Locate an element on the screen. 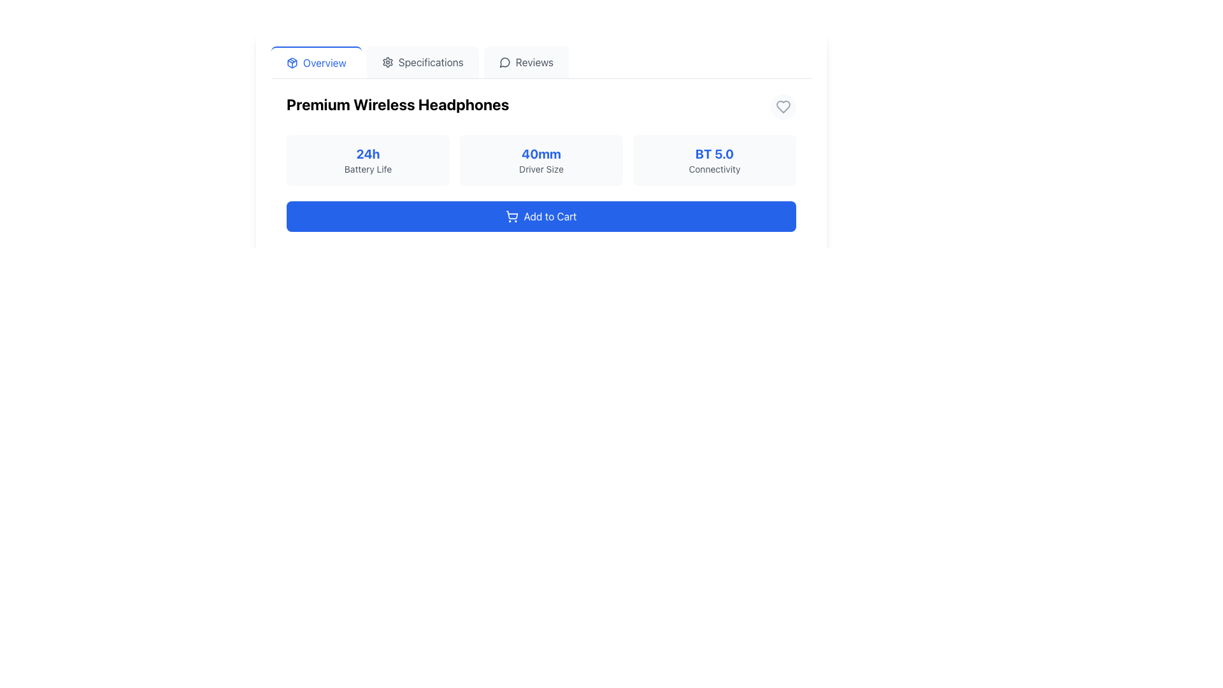  the text label displaying 'Premium Wireless Headphones' which is bold and black, located near the top left of the interface, for potential interactions is located at coordinates (397, 104).